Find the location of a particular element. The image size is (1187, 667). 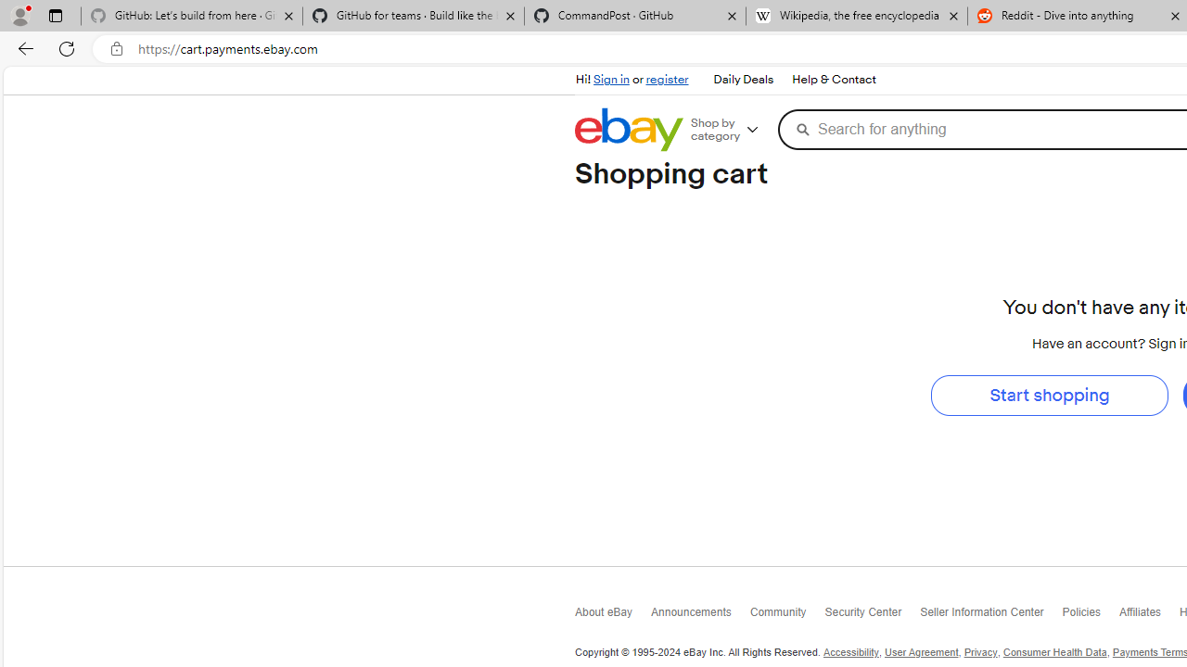

'Policies' is located at coordinates (1091, 617).